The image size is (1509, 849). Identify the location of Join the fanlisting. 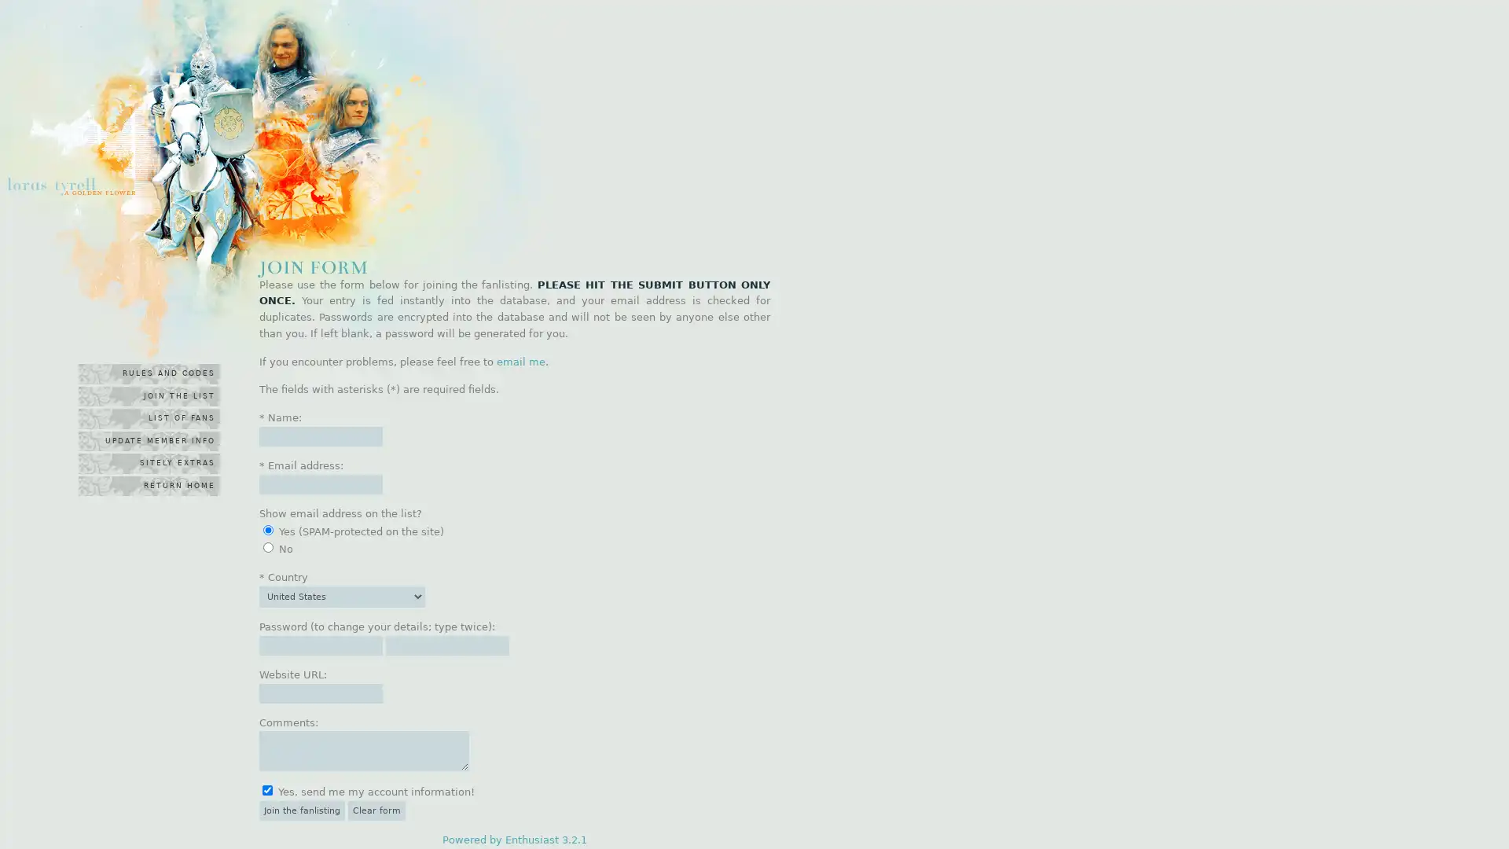
(302, 810).